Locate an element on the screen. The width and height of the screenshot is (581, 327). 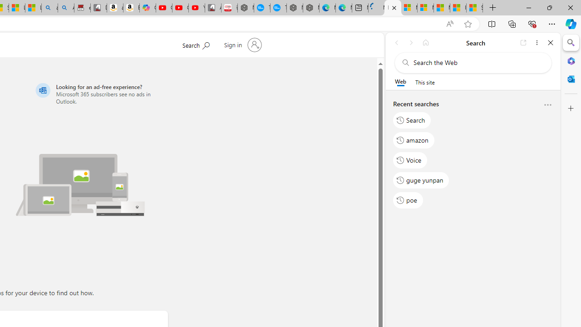
'Microsoft account | Privacy' is located at coordinates (425, 8).